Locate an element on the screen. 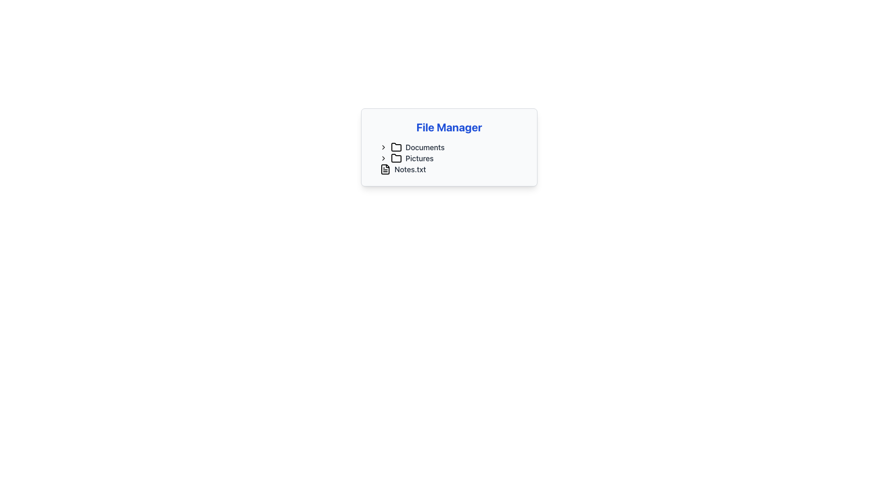 The height and width of the screenshot is (496, 882). the folder icon representing the 'Pictures' folder in the 'File Manager' section is located at coordinates (396, 158).